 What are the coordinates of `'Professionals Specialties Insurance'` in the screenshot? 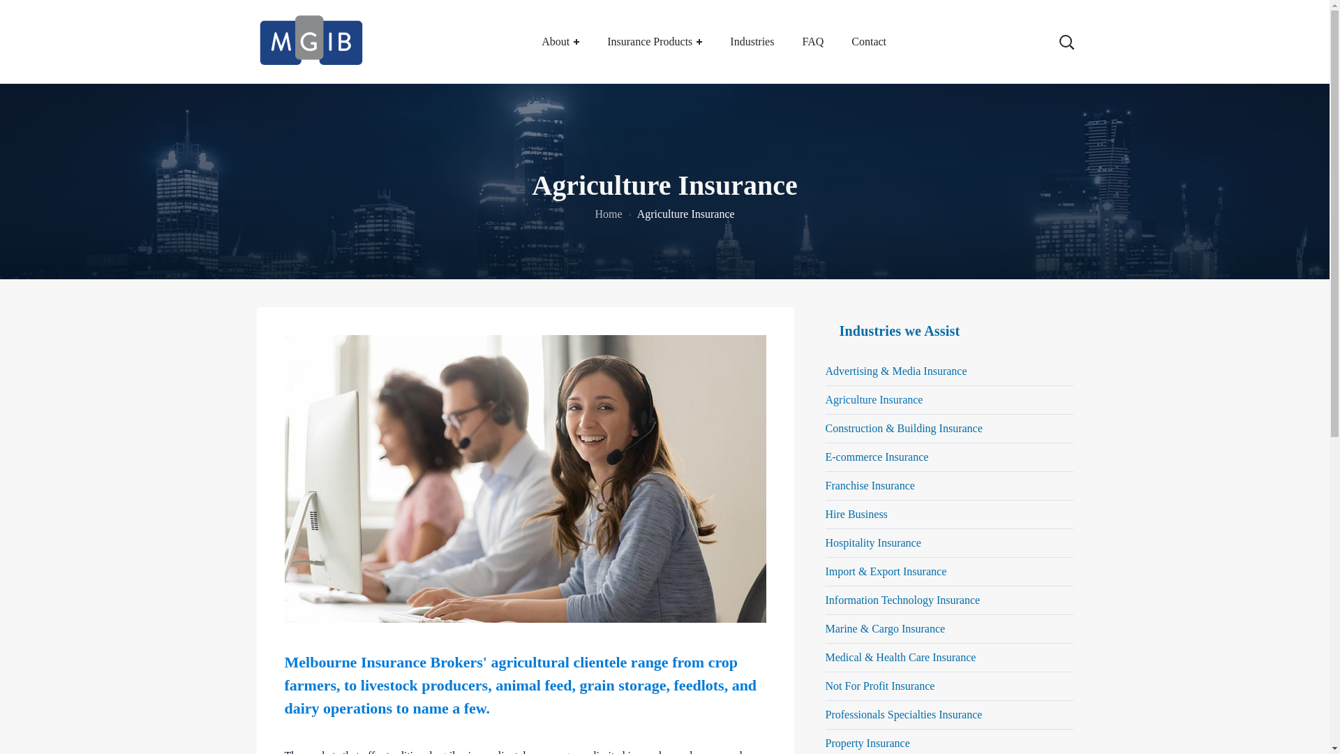 It's located at (824, 715).